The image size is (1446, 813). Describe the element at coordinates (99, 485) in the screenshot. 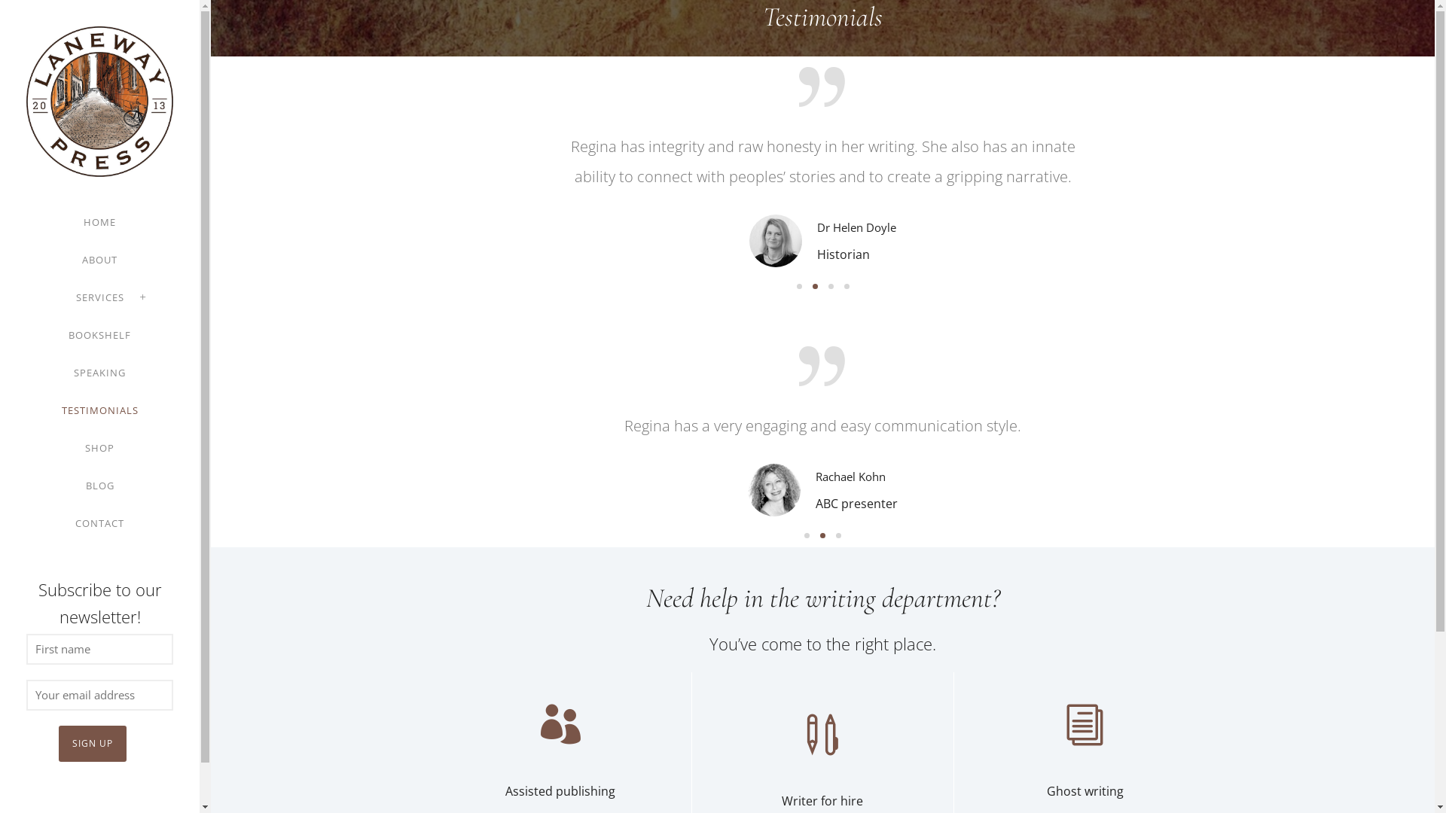

I see `'BLOG'` at that location.